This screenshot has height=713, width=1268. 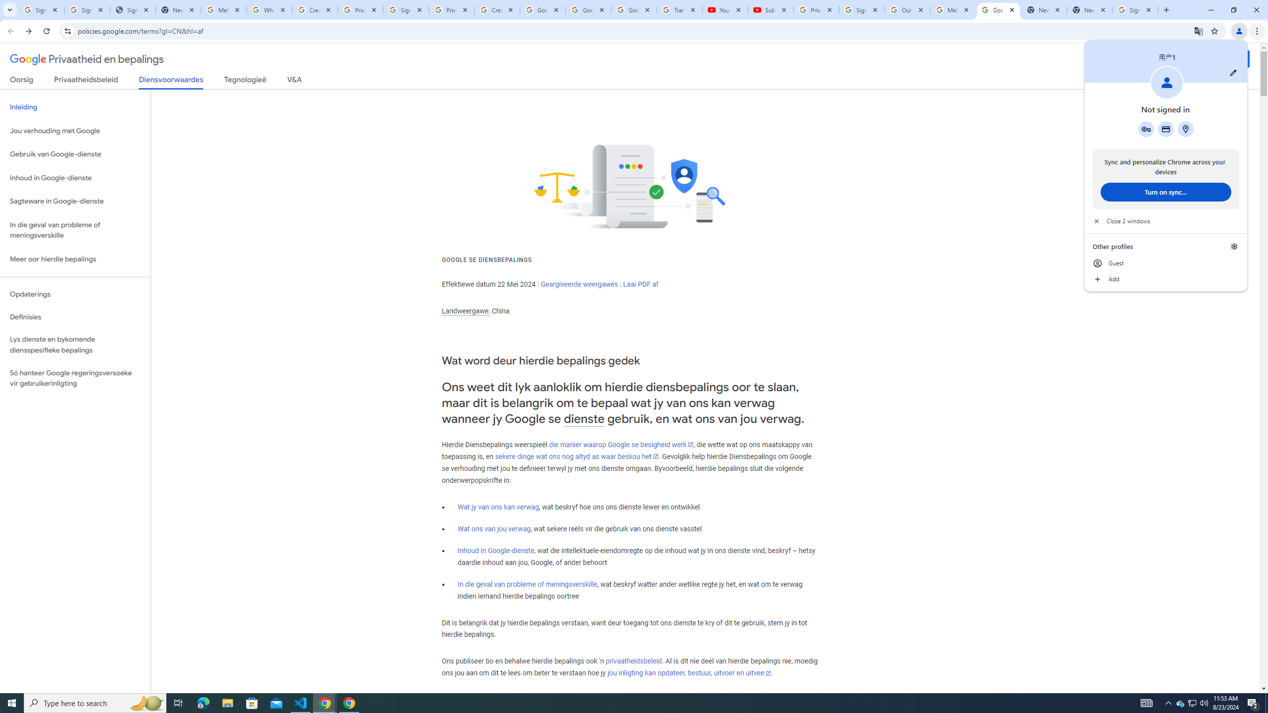 What do you see at coordinates (203, 702) in the screenshot?
I see `'Microsoft Edge'` at bounding box center [203, 702].